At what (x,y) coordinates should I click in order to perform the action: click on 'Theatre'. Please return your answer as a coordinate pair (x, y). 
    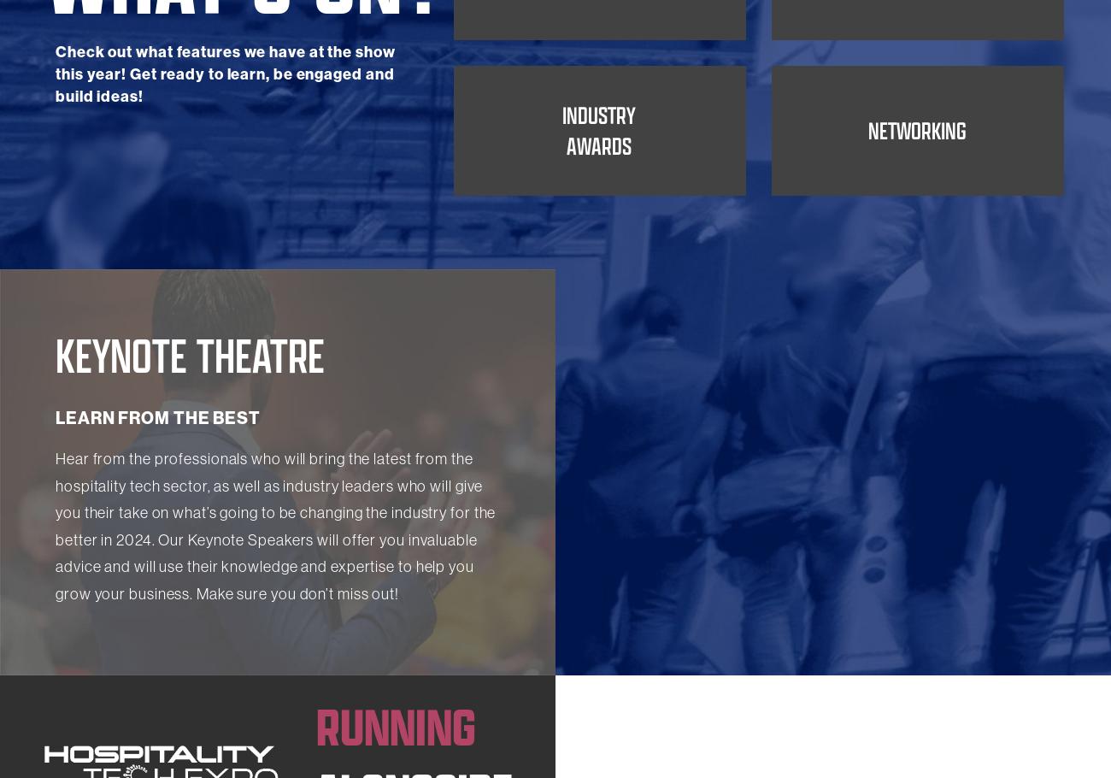
    Looking at the image, I should click on (597, 102).